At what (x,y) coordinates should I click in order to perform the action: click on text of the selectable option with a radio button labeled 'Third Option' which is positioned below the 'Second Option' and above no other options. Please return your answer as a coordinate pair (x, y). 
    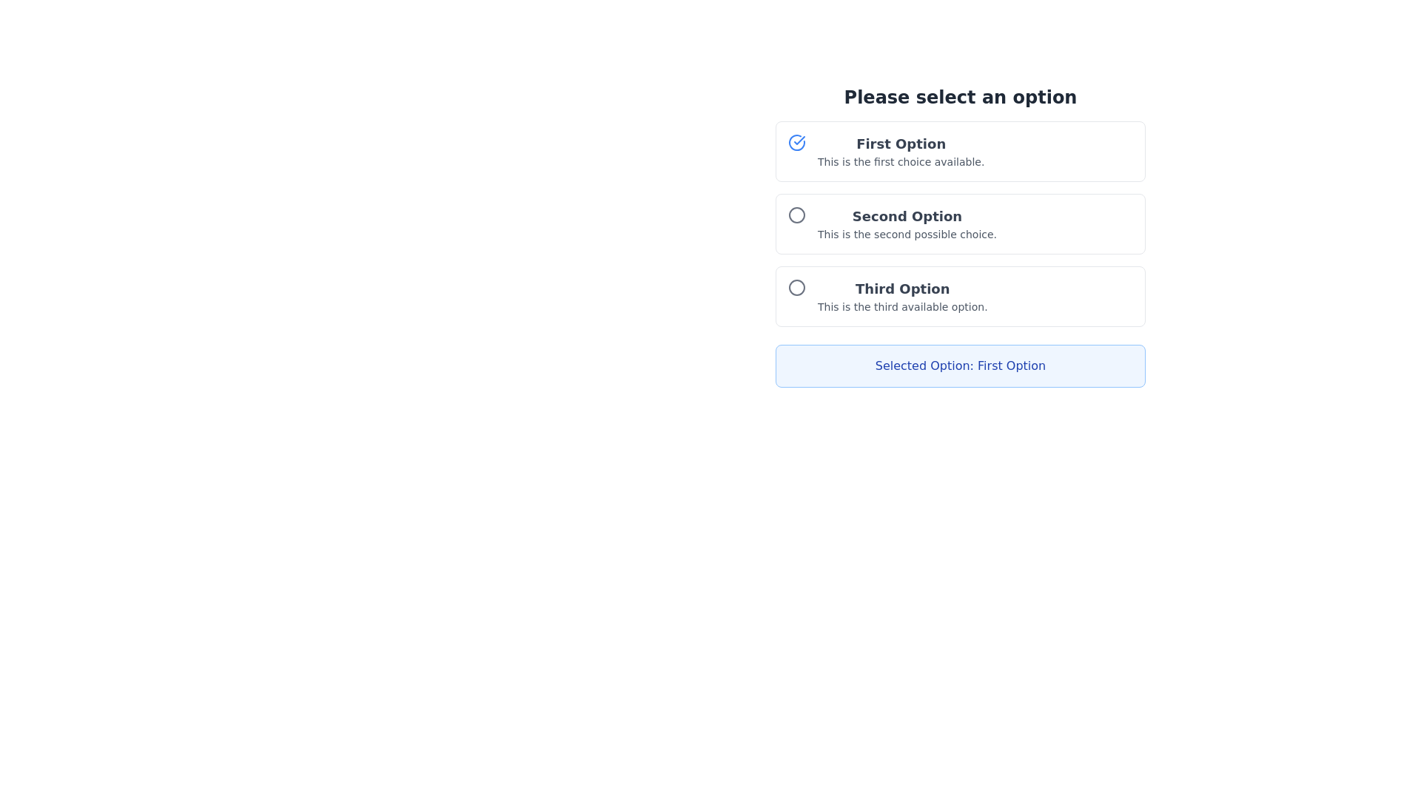
    Looking at the image, I should click on (960, 297).